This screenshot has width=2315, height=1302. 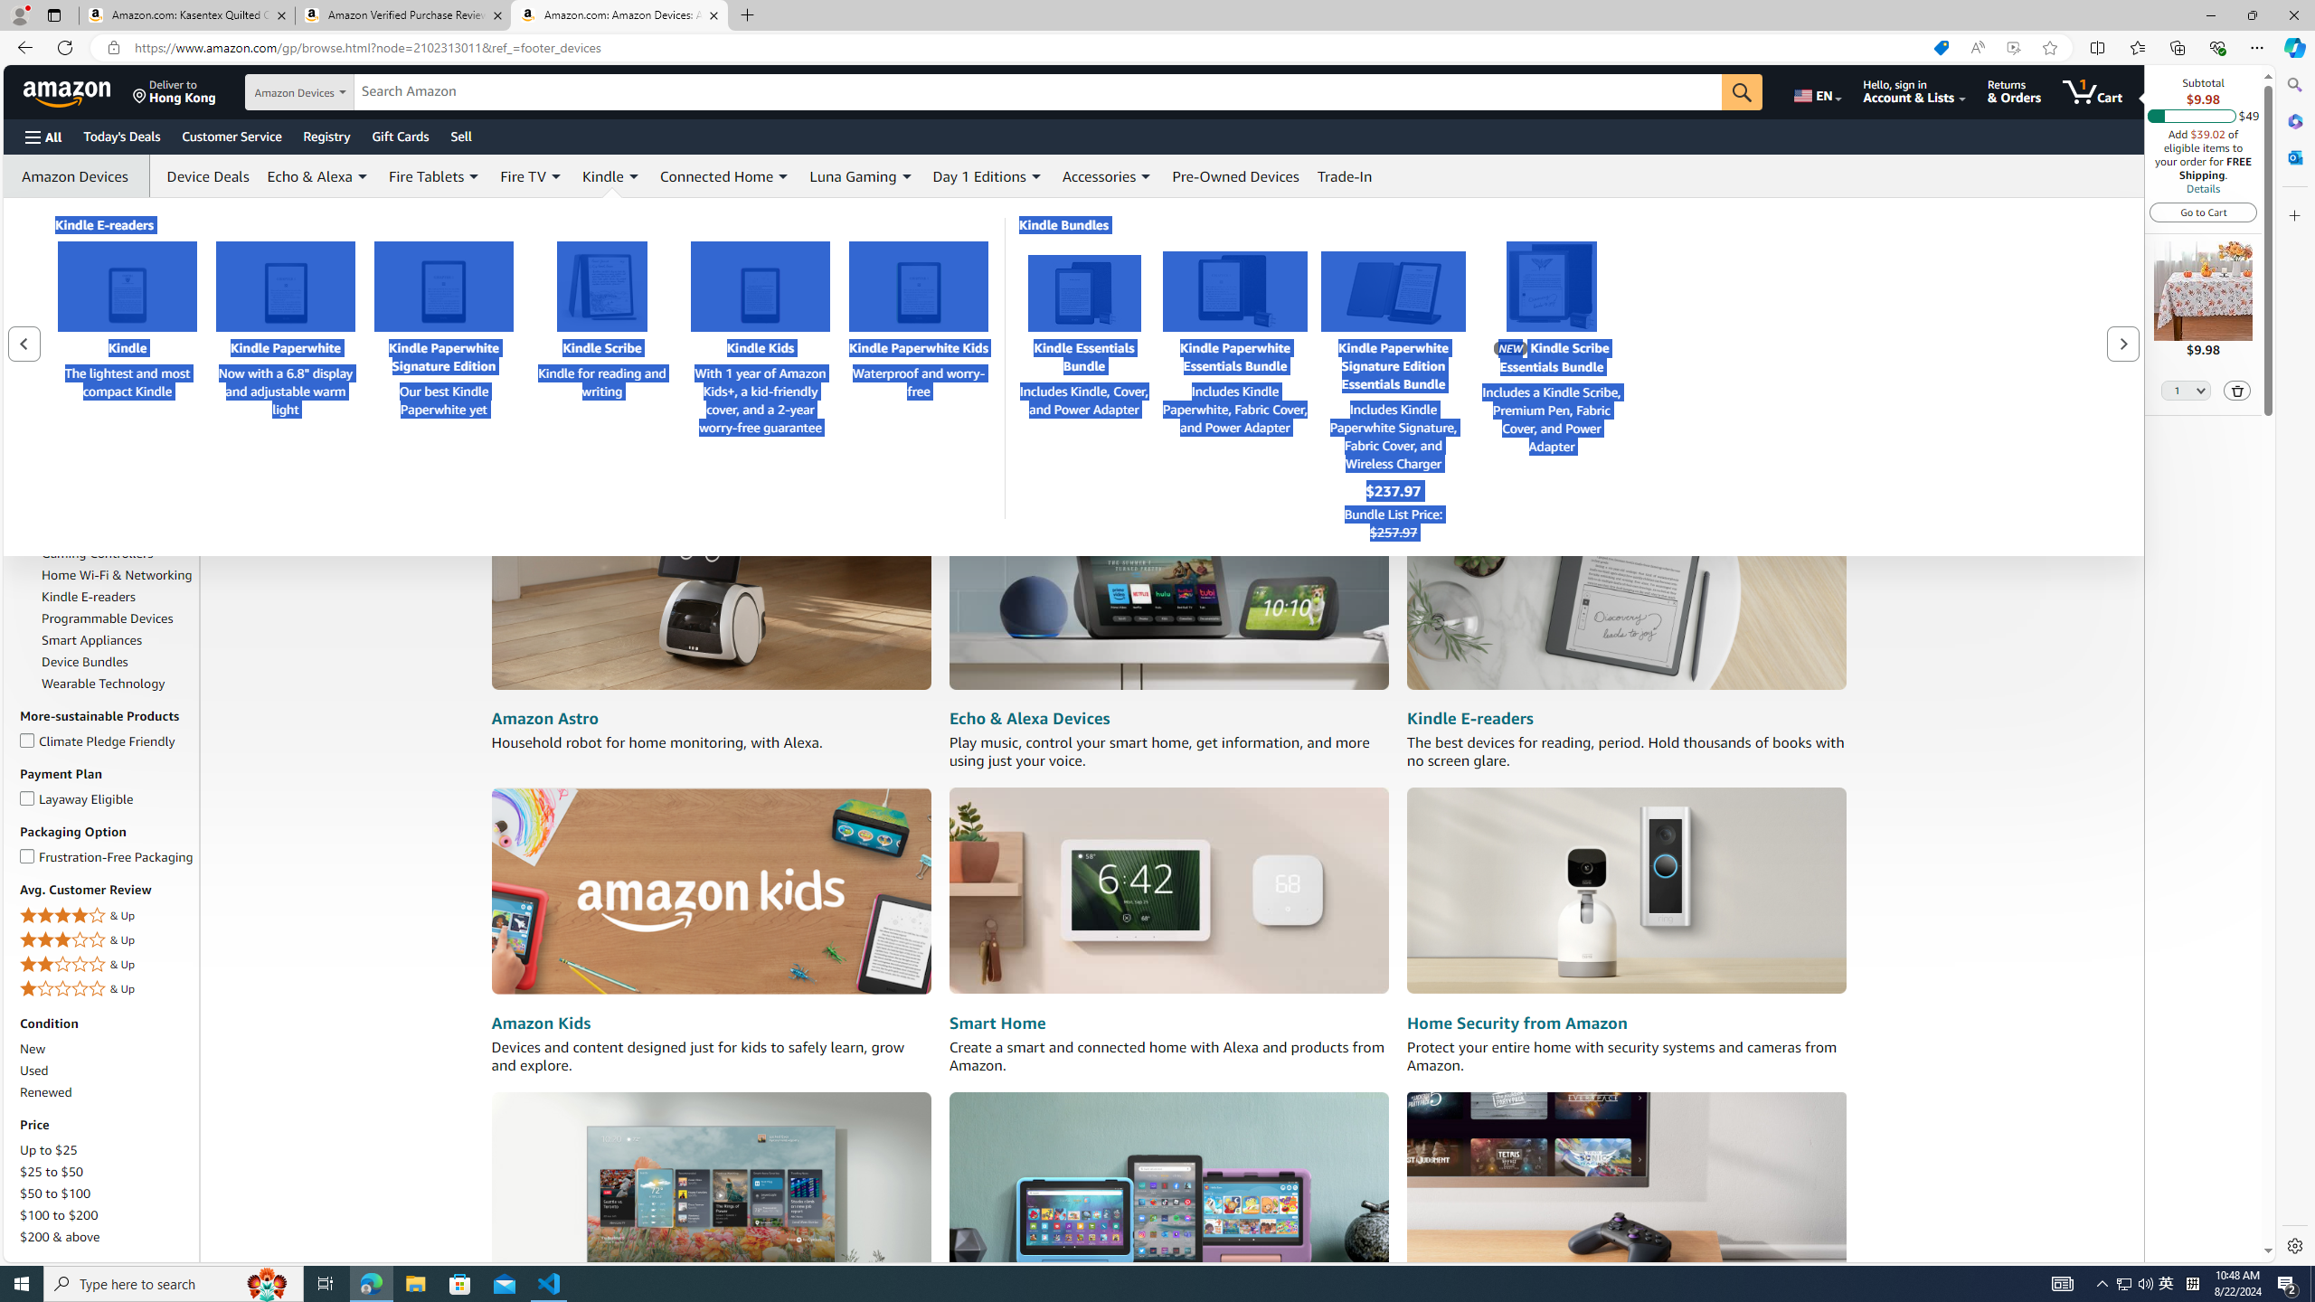 I want to click on 'Trade-In', so click(x=1345, y=176).